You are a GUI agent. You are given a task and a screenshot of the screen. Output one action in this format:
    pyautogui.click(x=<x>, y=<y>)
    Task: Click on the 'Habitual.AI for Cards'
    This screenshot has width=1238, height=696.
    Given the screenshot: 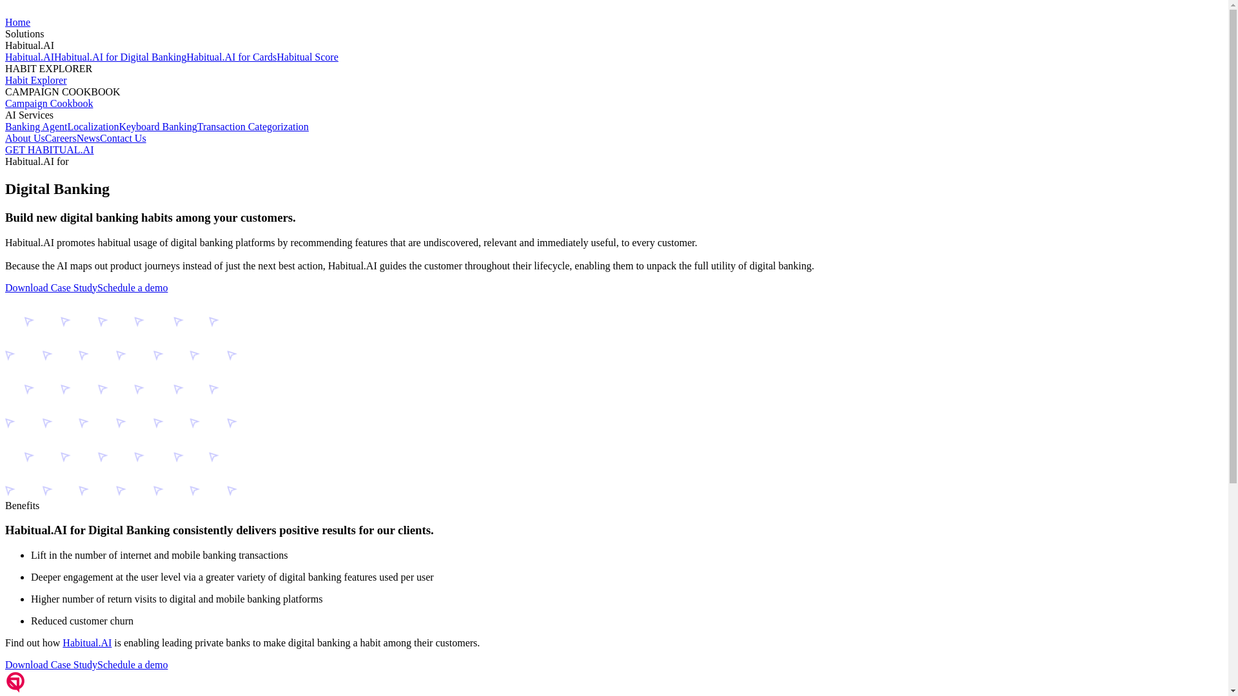 What is the action you would take?
    pyautogui.click(x=185, y=56)
    